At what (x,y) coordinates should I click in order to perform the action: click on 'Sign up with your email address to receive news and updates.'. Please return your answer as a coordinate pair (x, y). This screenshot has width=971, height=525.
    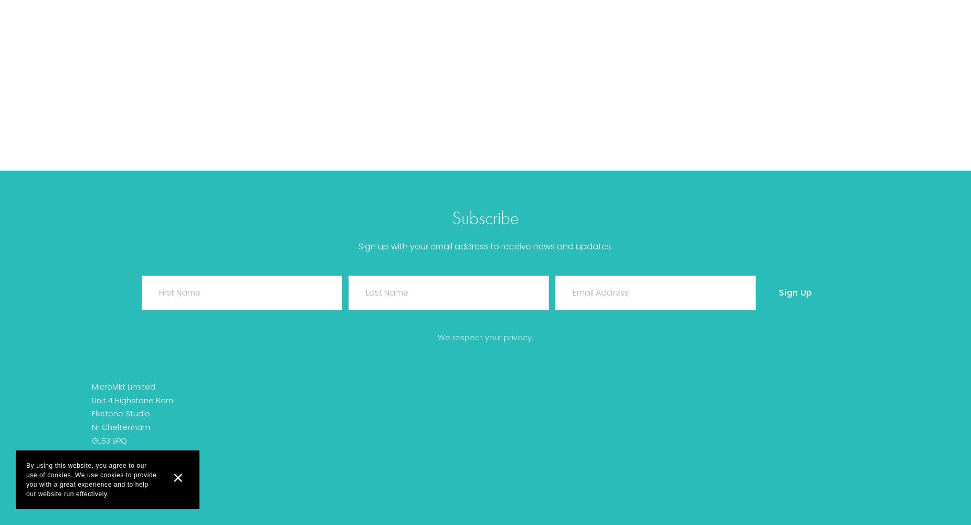
    Looking at the image, I should click on (485, 246).